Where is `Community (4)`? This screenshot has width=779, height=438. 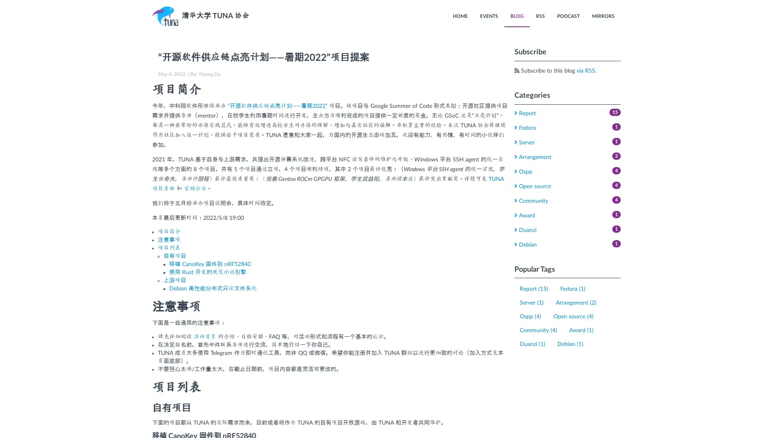
Community (4) is located at coordinates (538, 330).